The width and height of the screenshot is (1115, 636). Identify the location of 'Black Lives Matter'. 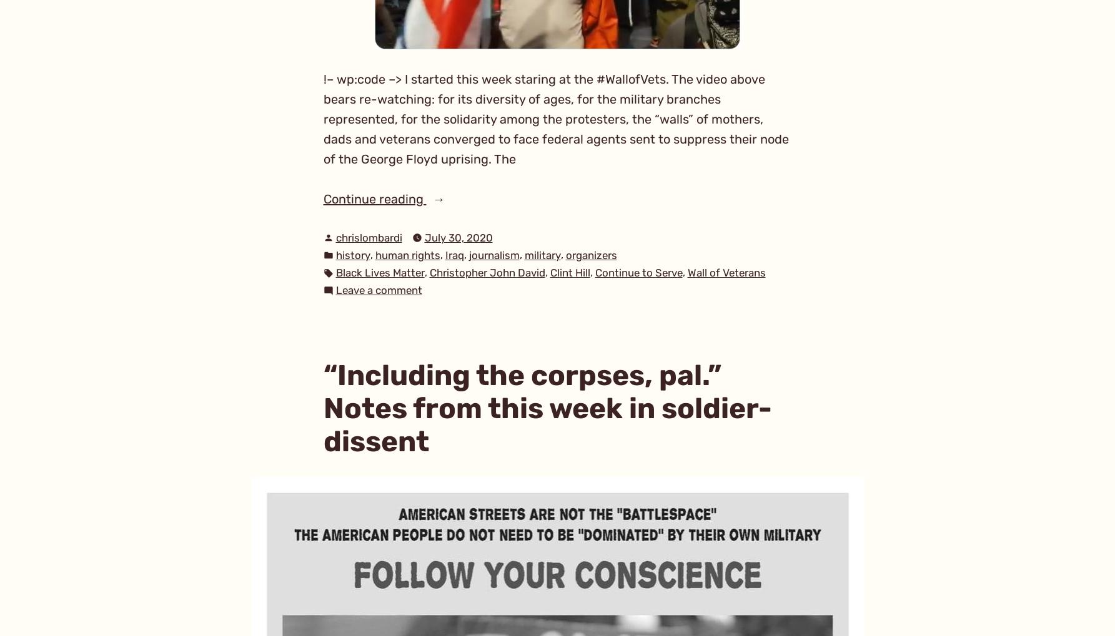
(379, 273).